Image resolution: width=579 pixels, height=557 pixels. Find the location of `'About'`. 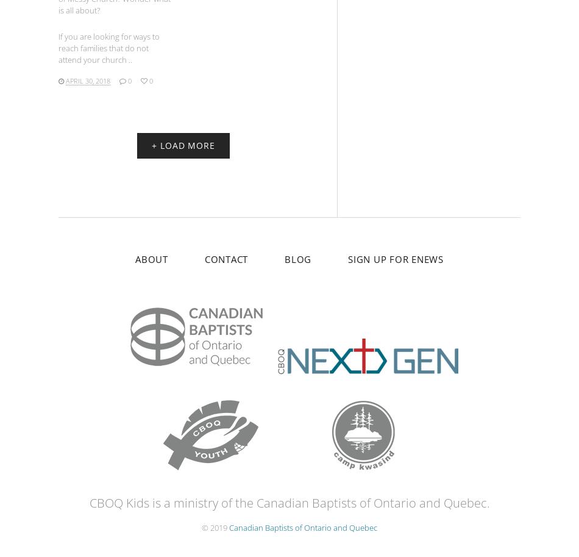

'About' is located at coordinates (151, 258).